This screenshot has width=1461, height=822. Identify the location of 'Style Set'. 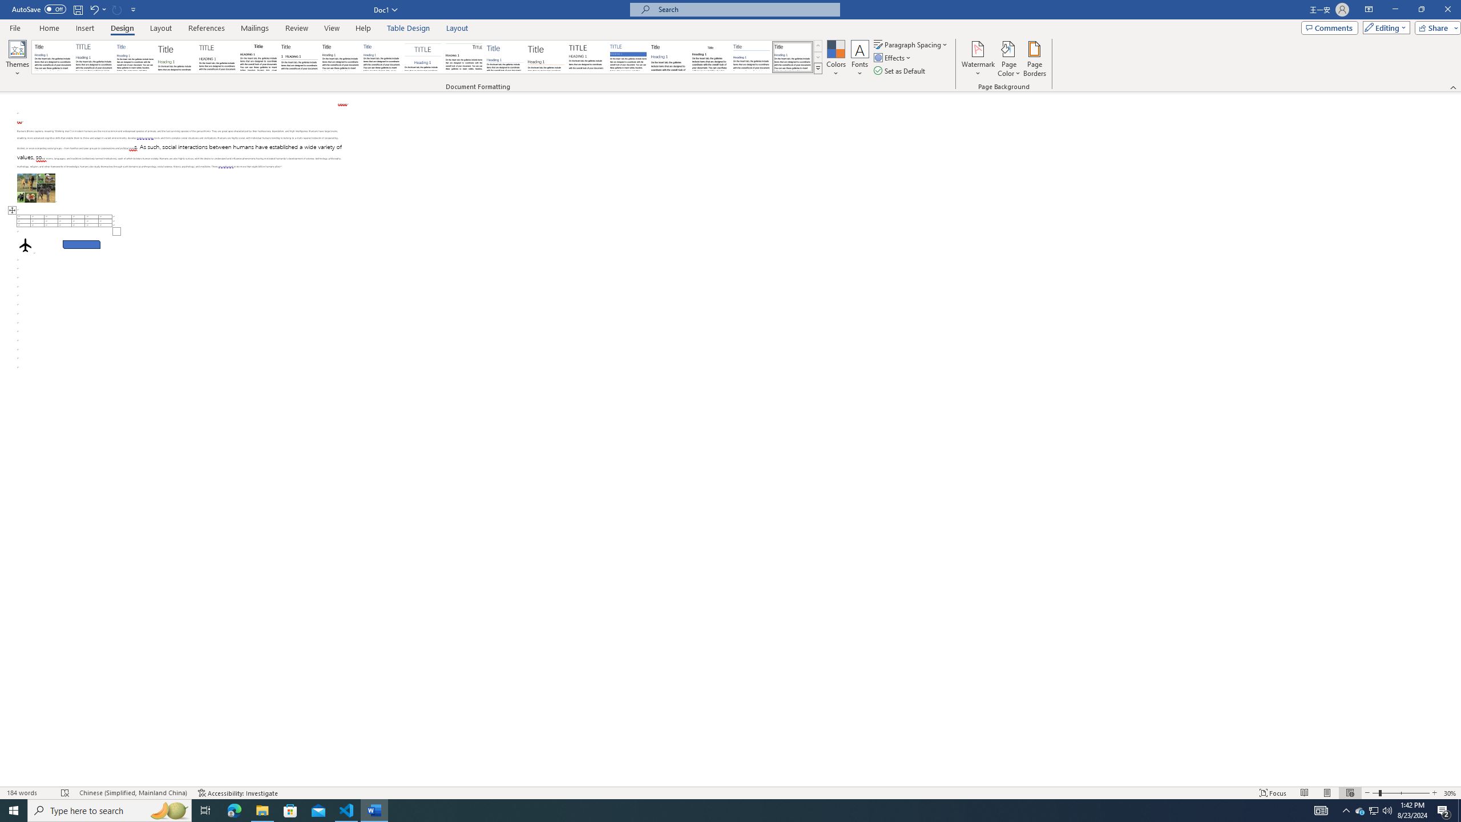
(817, 67).